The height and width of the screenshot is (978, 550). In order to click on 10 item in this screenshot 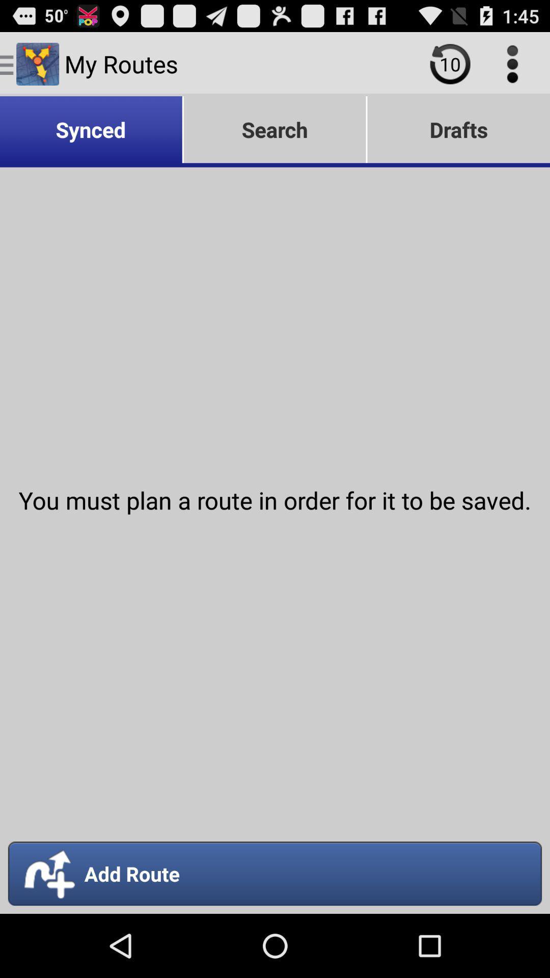, I will do `click(450, 63)`.